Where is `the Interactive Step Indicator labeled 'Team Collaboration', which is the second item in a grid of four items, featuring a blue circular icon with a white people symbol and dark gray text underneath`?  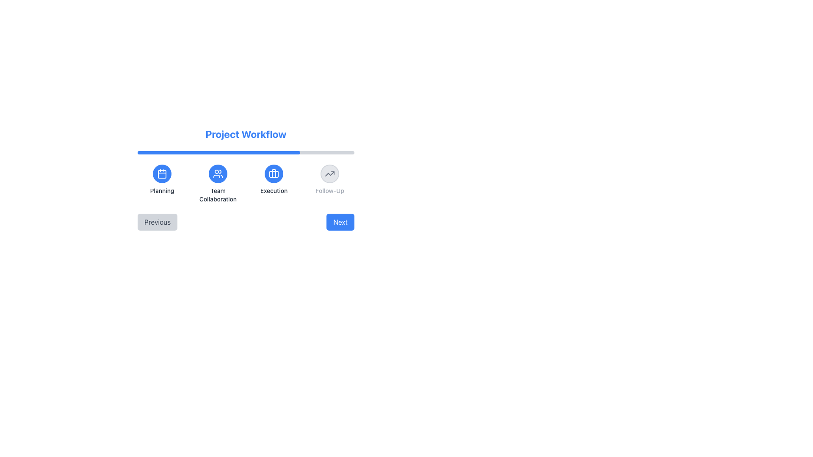 the Interactive Step Indicator labeled 'Team Collaboration', which is the second item in a grid of four items, featuring a blue circular icon with a white people symbol and dark gray text underneath is located at coordinates (218, 184).